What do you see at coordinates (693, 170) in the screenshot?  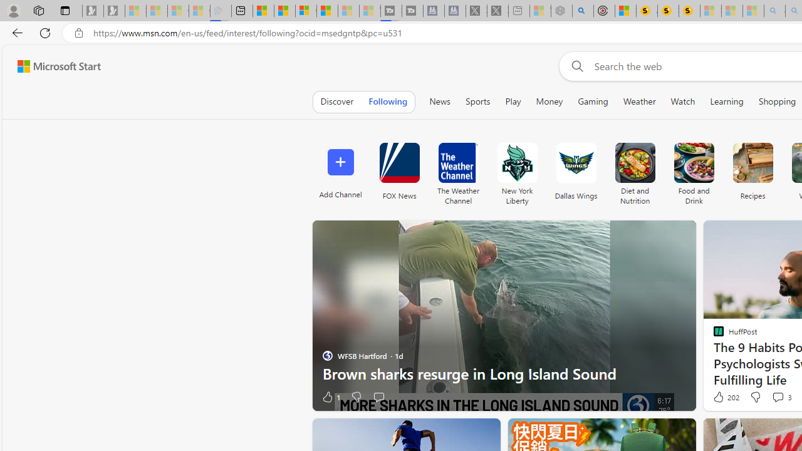 I see `'Food and Drink'` at bounding box center [693, 170].